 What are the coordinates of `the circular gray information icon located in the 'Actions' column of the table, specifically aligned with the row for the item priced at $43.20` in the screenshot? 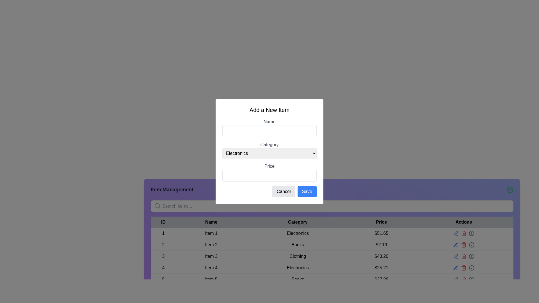 It's located at (471, 256).